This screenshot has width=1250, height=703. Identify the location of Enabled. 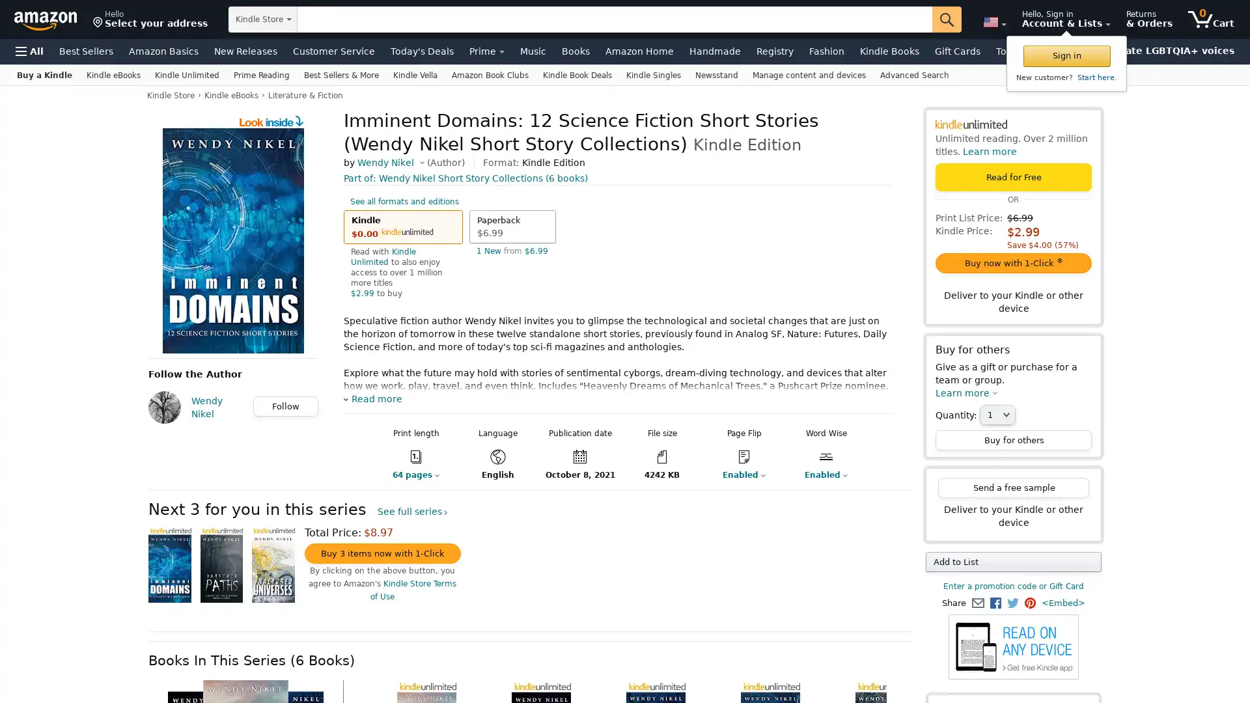
(743, 475).